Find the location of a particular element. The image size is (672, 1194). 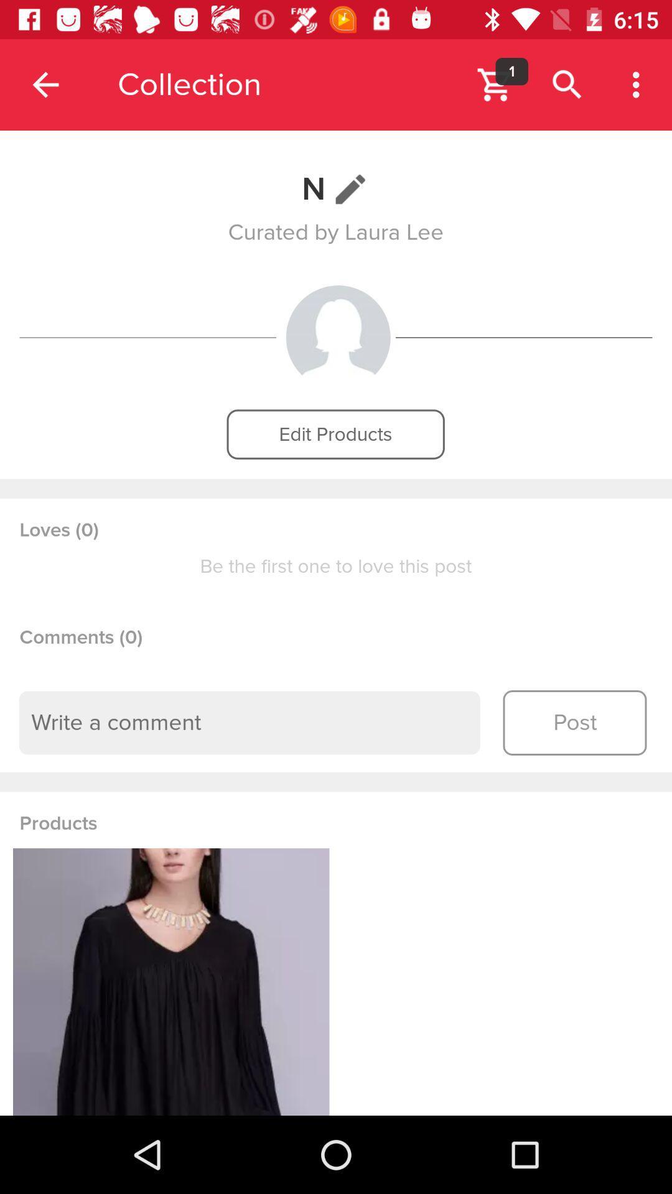

open cart is located at coordinates (495, 84).